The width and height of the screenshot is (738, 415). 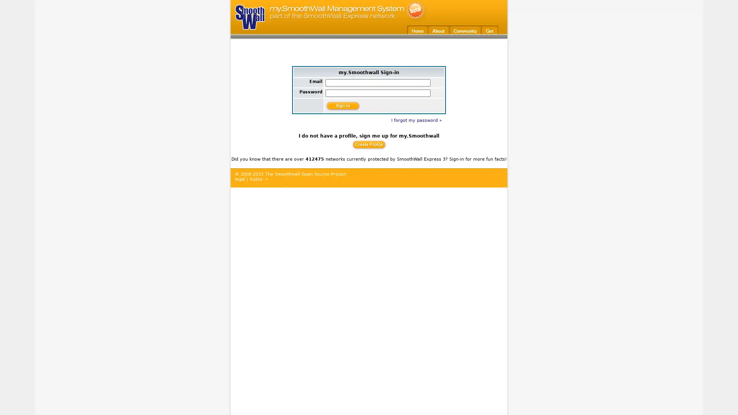 What do you see at coordinates (342, 105) in the screenshot?
I see `Sign-in` at bounding box center [342, 105].